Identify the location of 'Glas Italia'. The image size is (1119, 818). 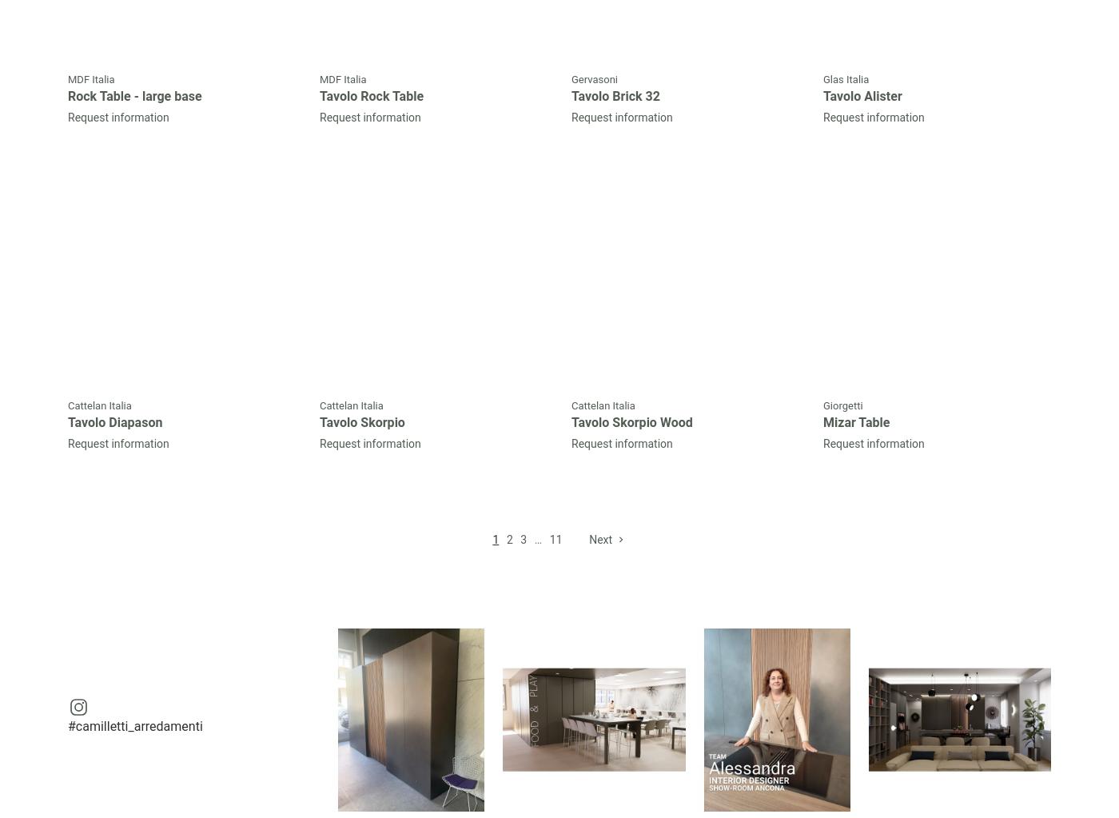
(846, 79).